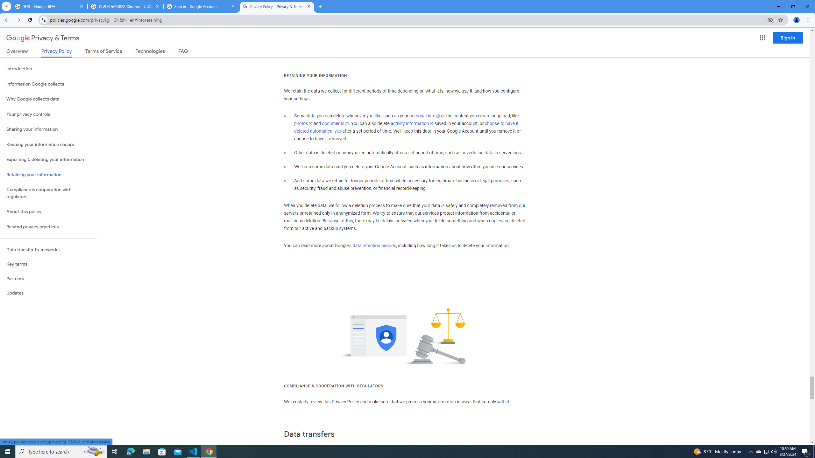 The image size is (815, 458). What do you see at coordinates (406, 128) in the screenshot?
I see `'choose to have it deleted automatically'` at bounding box center [406, 128].